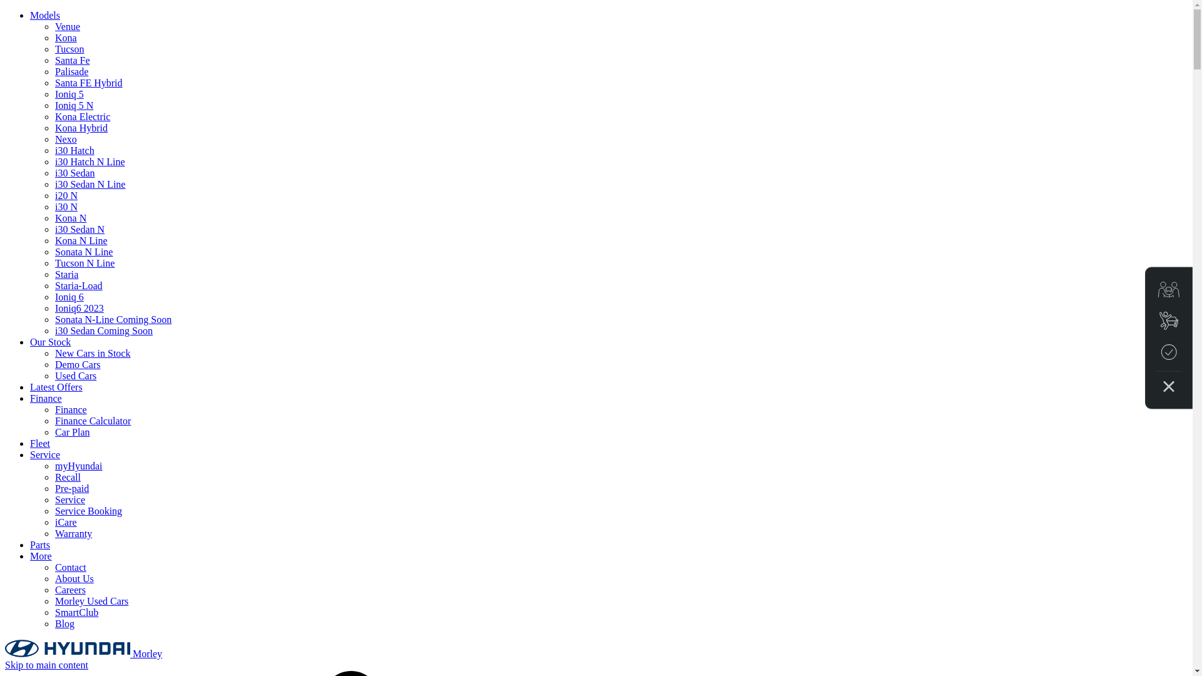 This screenshot has width=1202, height=676. What do you see at coordinates (54, 48) in the screenshot?
I see `'Tucson'` at bounding box center [54, 48].